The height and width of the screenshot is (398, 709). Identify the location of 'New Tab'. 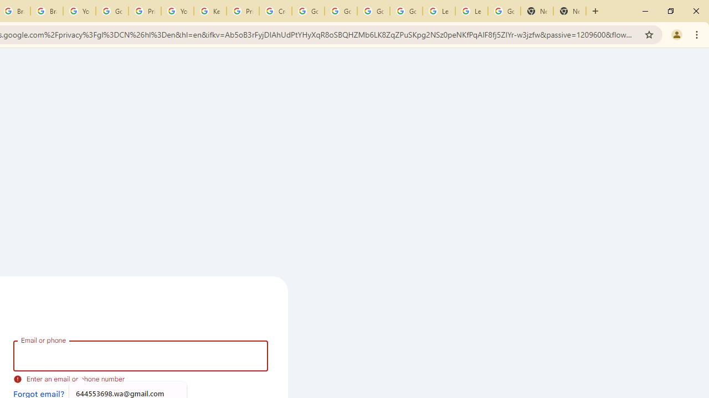
(569, 11).